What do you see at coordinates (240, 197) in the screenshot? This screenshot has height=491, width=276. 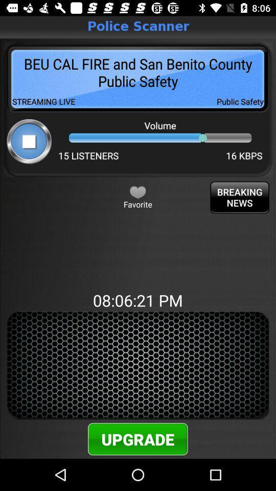 I see `the app to the right of favorite item` at bounding box center [240, 197].